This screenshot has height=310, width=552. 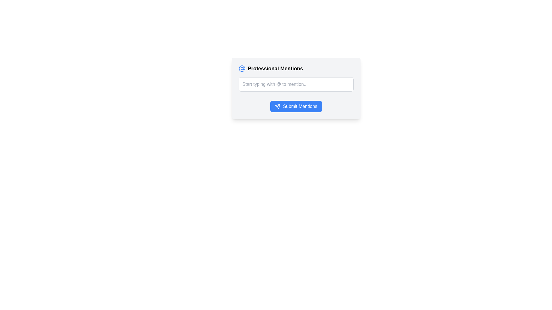 I want to click on the icon located in the header section of the 'Professional Mentions' box, which serves as a visual indicator for mentions or tagging functionality, so click(x=242, y=68).